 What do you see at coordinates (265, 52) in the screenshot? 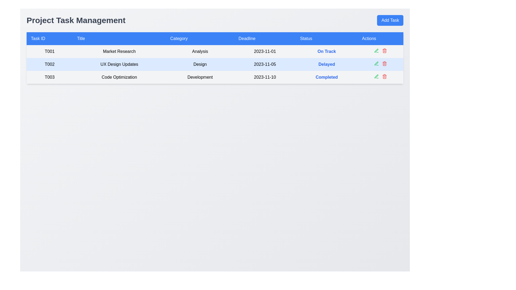
I see `the text display that shows the deadline '2023-11-01' in the fourth column of the first data row of the table, which indicates the due date for the corresponding task` at bounding box center [265, 52].